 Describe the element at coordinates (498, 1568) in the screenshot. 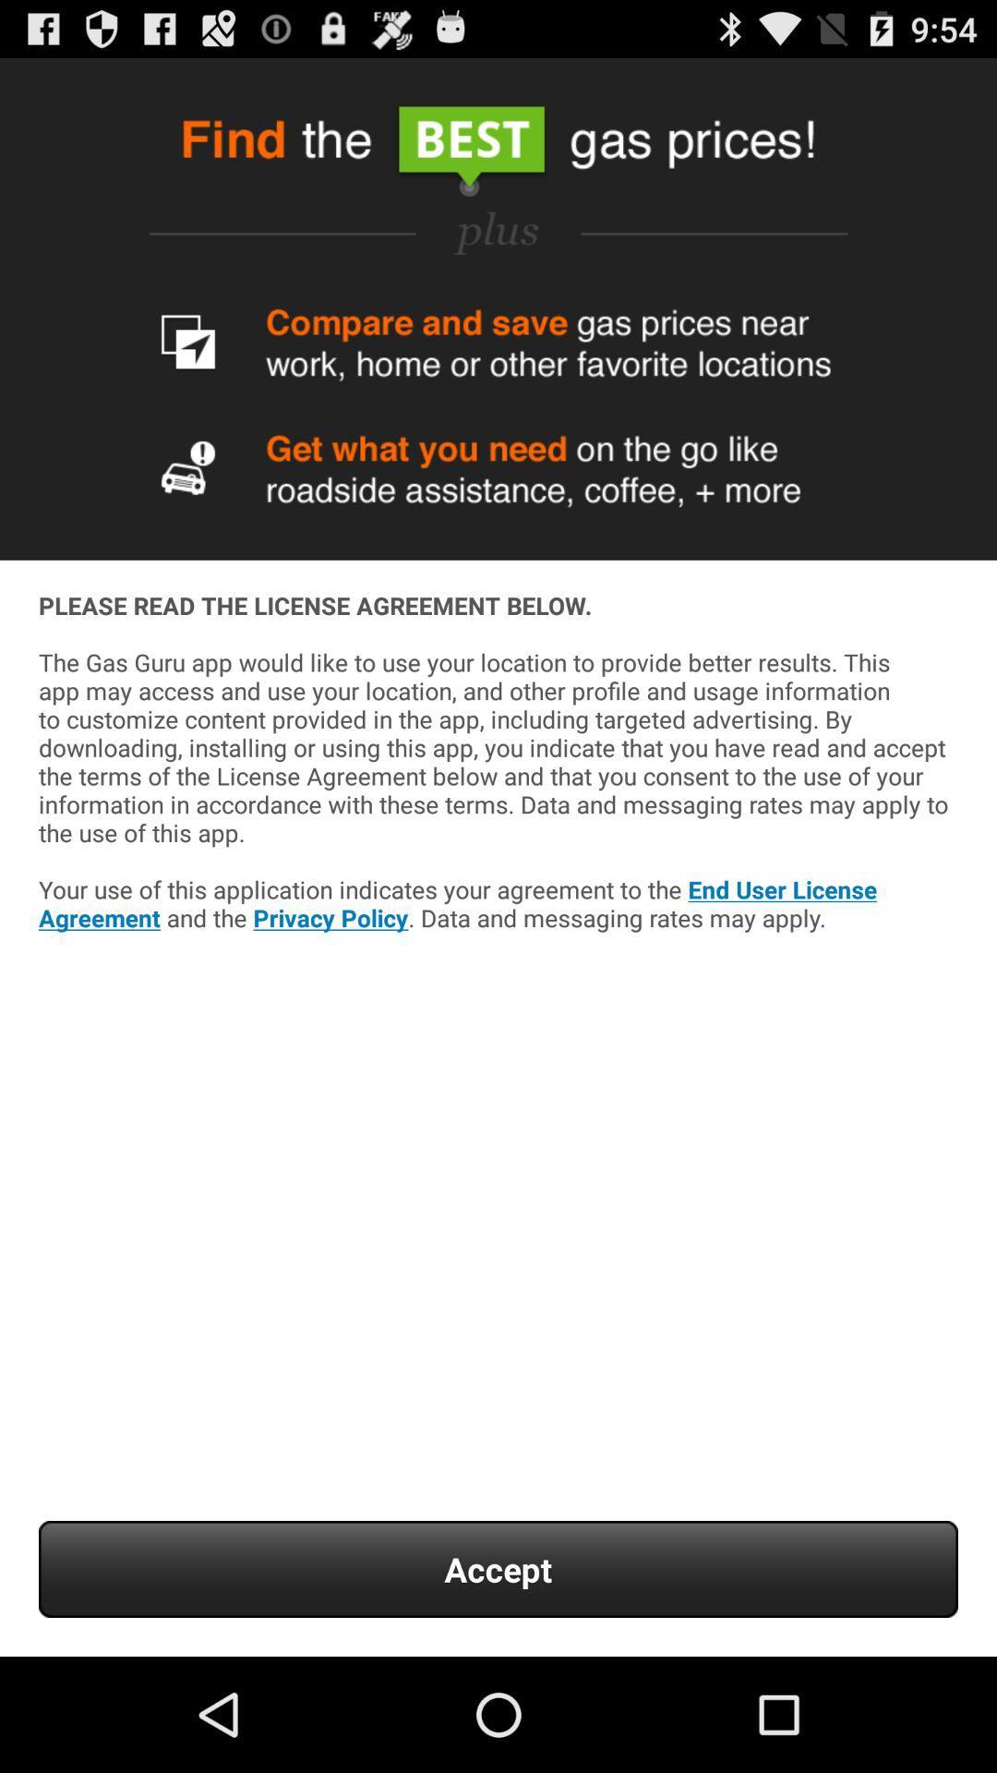

I see `the accept at the bottom` at that location.